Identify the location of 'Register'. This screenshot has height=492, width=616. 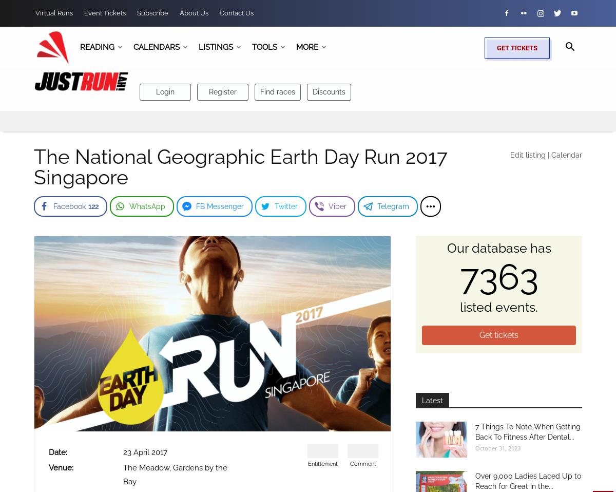
(223, 91).